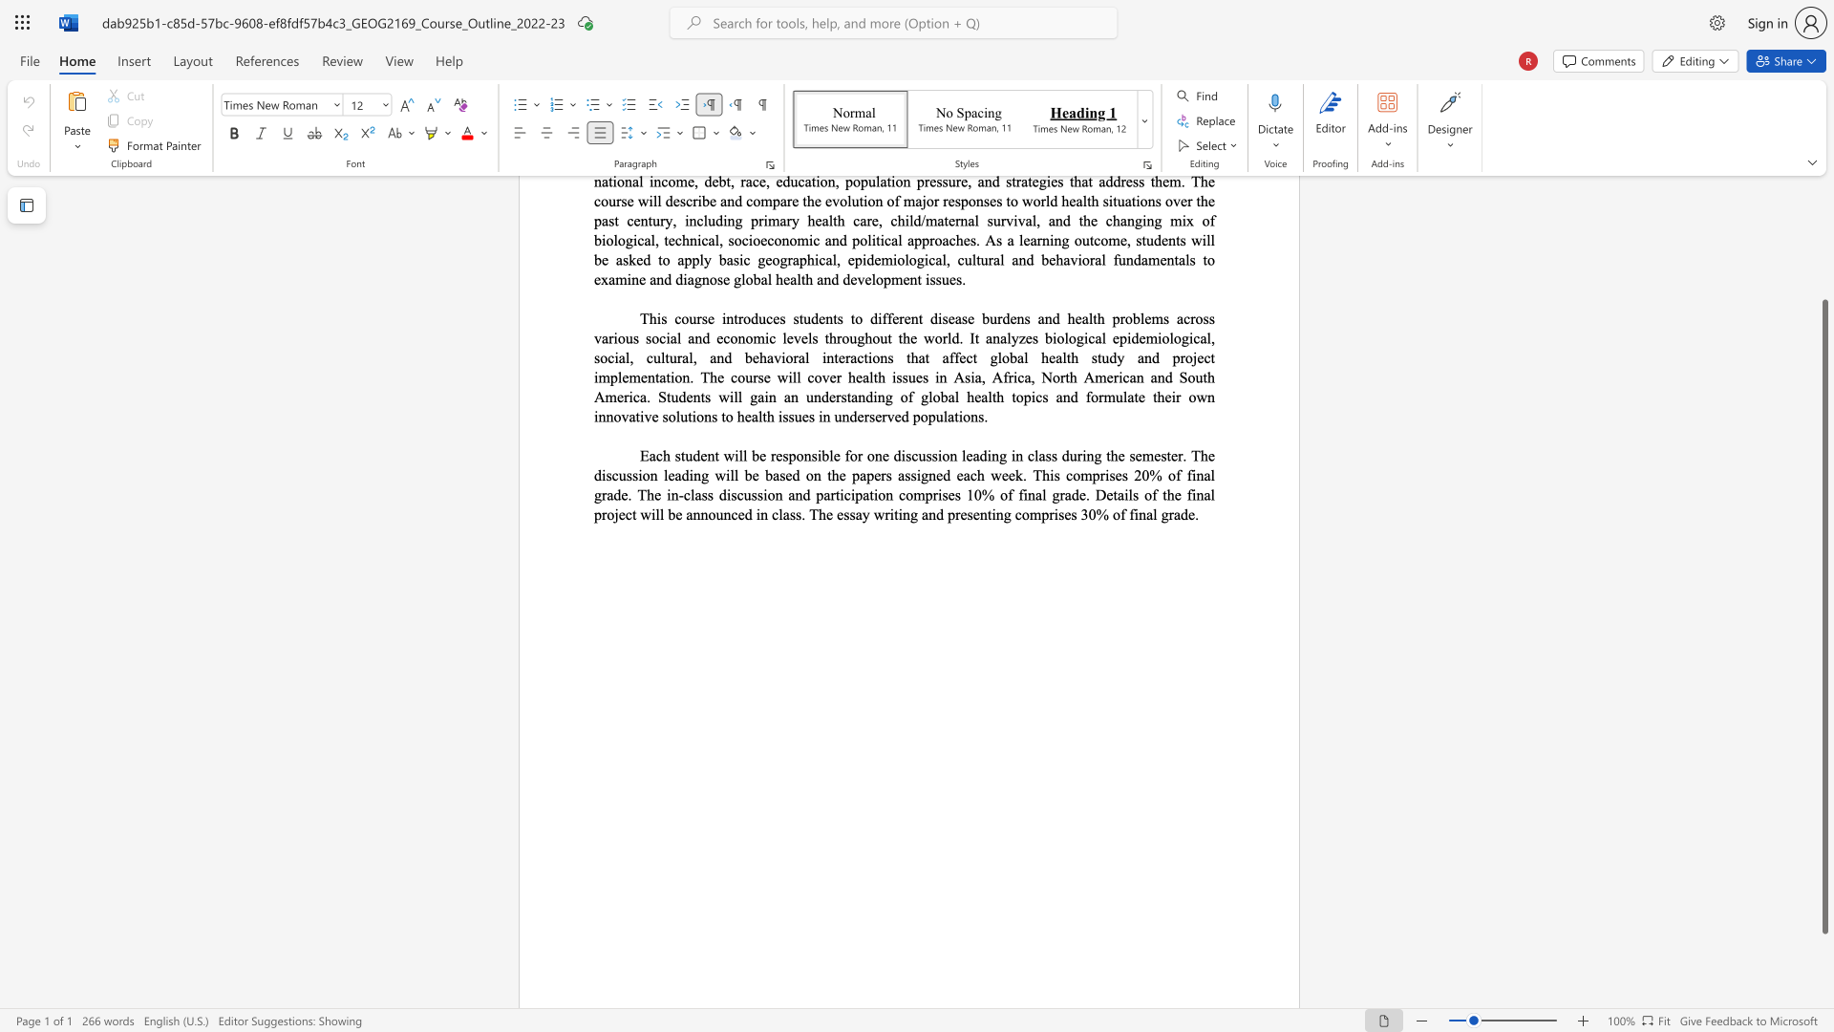  Describe the element at coordinates (1823, 276) in the screenshot. I see `the scrollbar on the right to shift the page higher` at that location.